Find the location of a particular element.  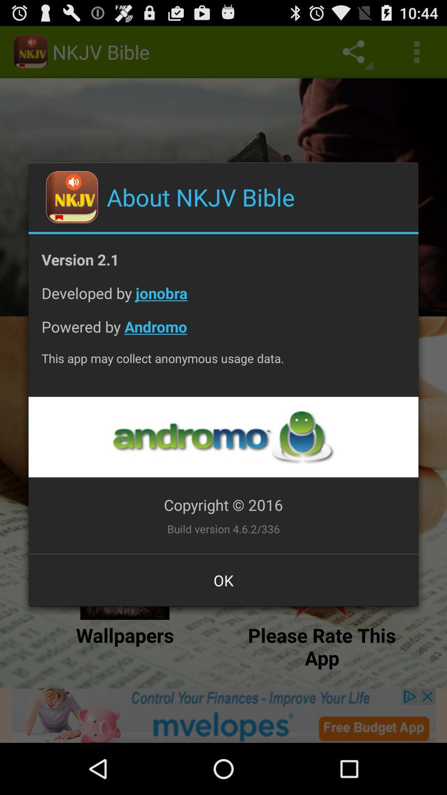

app below this app may is located at coordinates (223, 436).